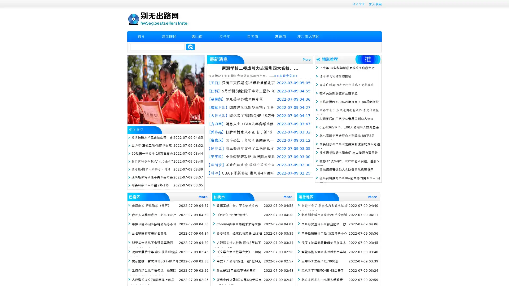 The image size is (509, 286). I want to click on Search, so click(190, 47).